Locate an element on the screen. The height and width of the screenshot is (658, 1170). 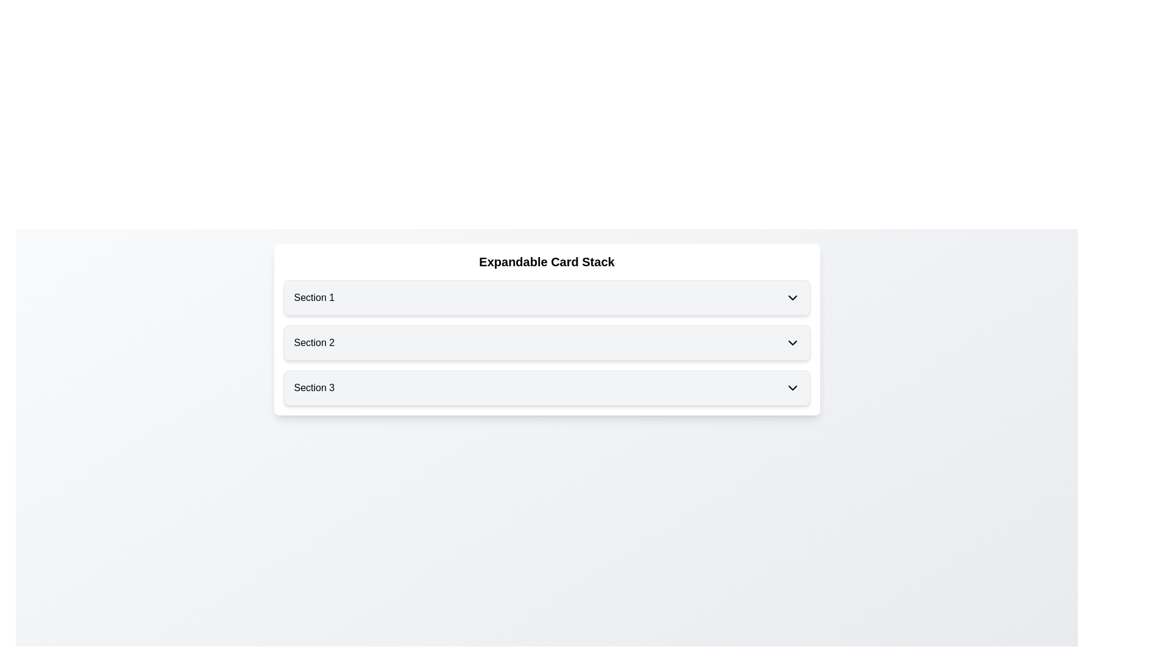
the Static Text Label displaying 'Section 3', which is located within the third section button of a vertically stacked list of sections is located at coordinates (314, 387).